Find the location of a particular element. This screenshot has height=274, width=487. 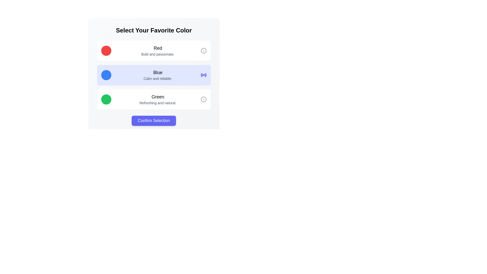

the textual display that shows 'Green' in bold and larger font size, located within the third option of the vertical list of selectable color options, positioned below 'Blue' and above the 'Confirm Selection' button is located at coordinates (158, 99).